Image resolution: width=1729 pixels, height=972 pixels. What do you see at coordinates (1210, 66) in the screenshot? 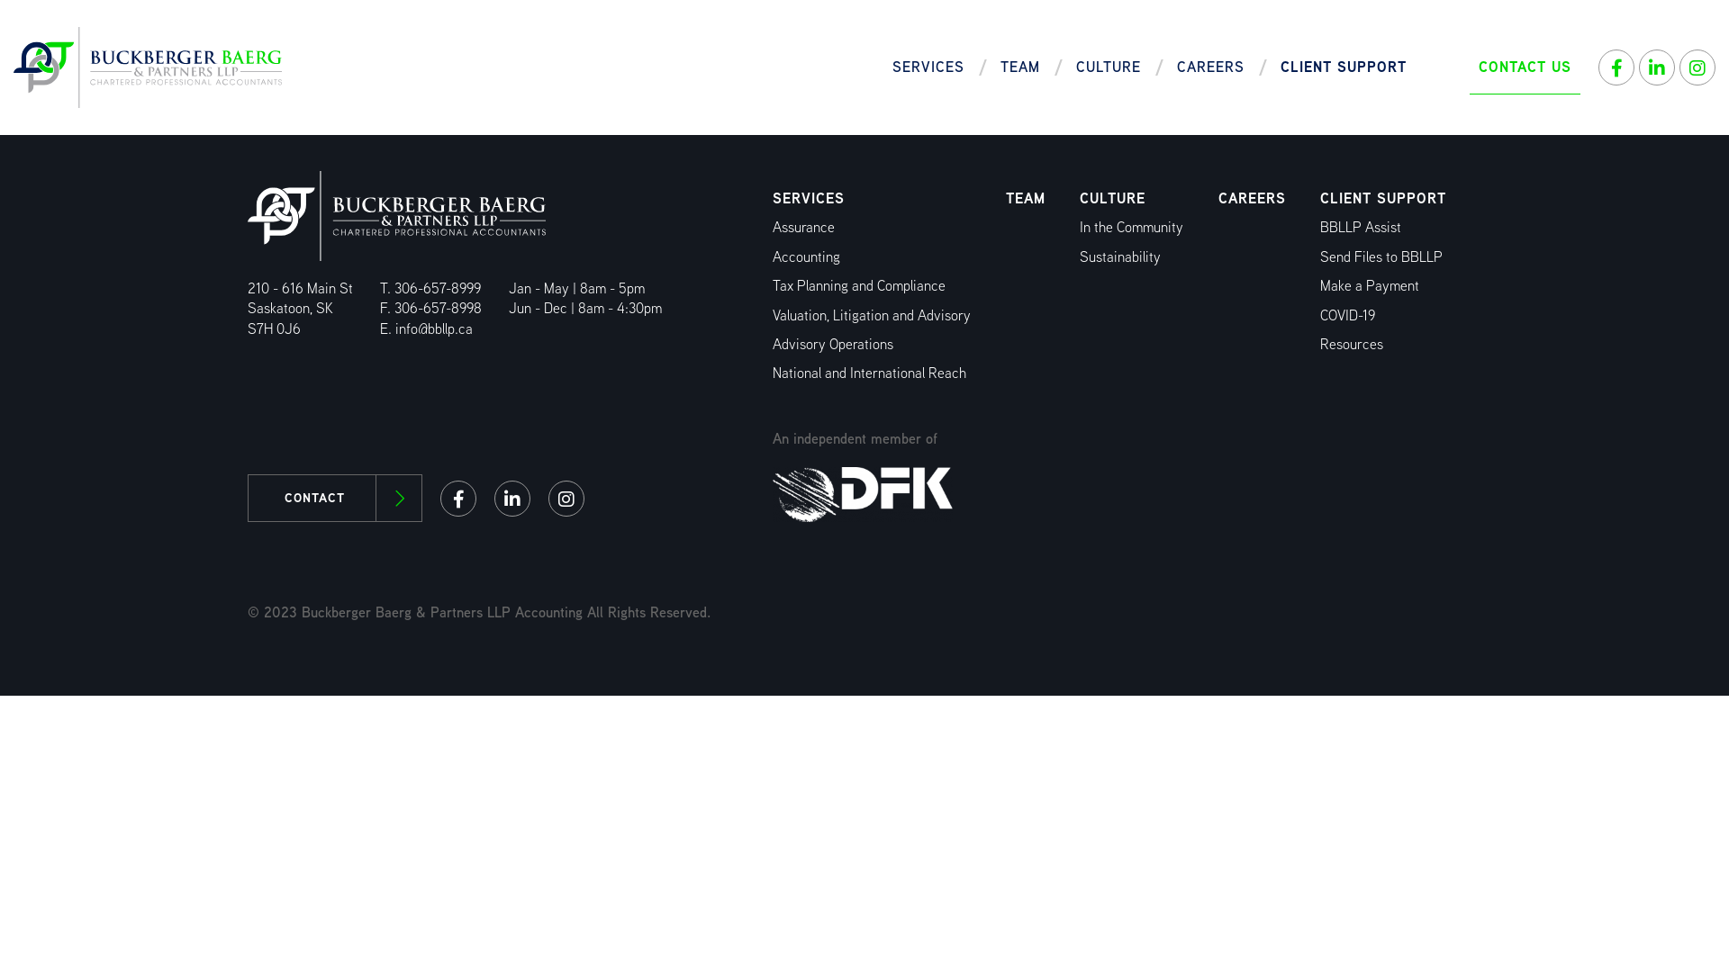
I see `'CAREERS'` at bounding box center [1210, 66].